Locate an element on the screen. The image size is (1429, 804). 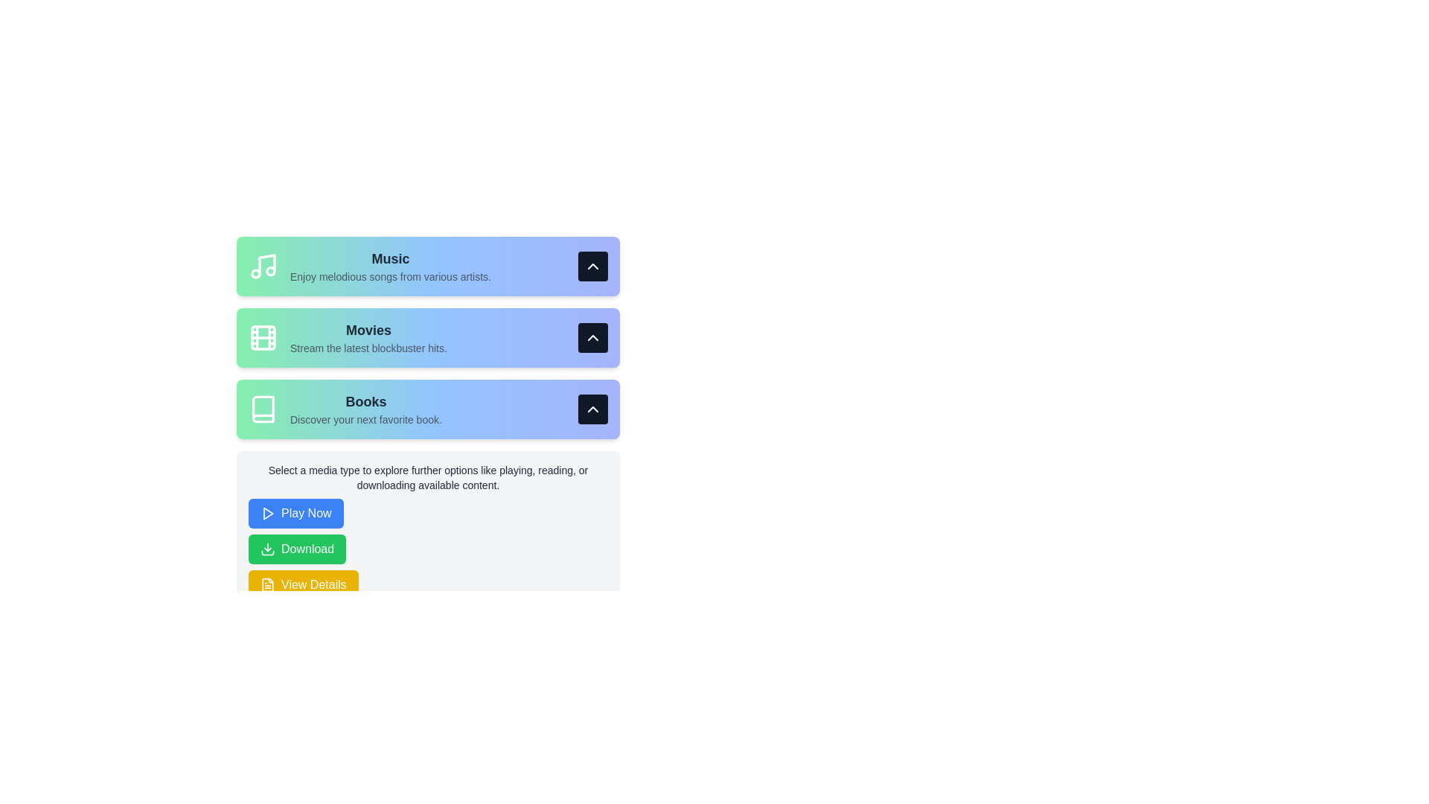
the upward scrolling icon located within the interactive button adjacent to the 'Movies' label, positioned at the right end of the group of three options is located at coordinates (592, 338).